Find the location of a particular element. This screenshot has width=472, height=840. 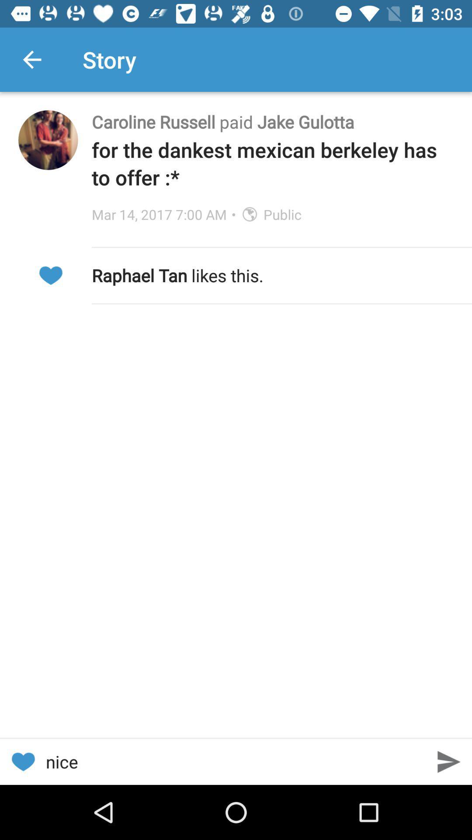

for the dankest is located at coordinates (272, 163).